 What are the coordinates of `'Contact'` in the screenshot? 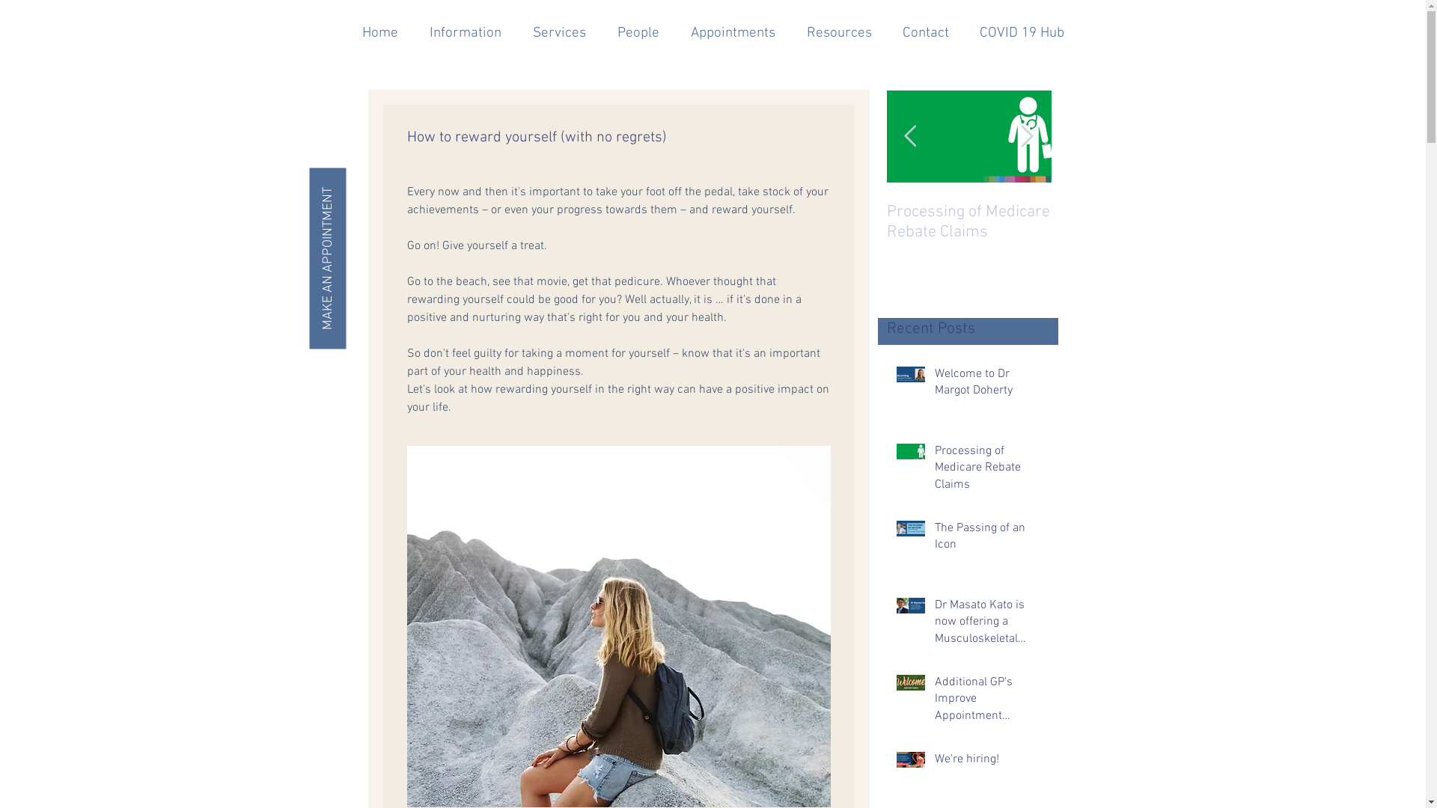 It's located at (925, 33).